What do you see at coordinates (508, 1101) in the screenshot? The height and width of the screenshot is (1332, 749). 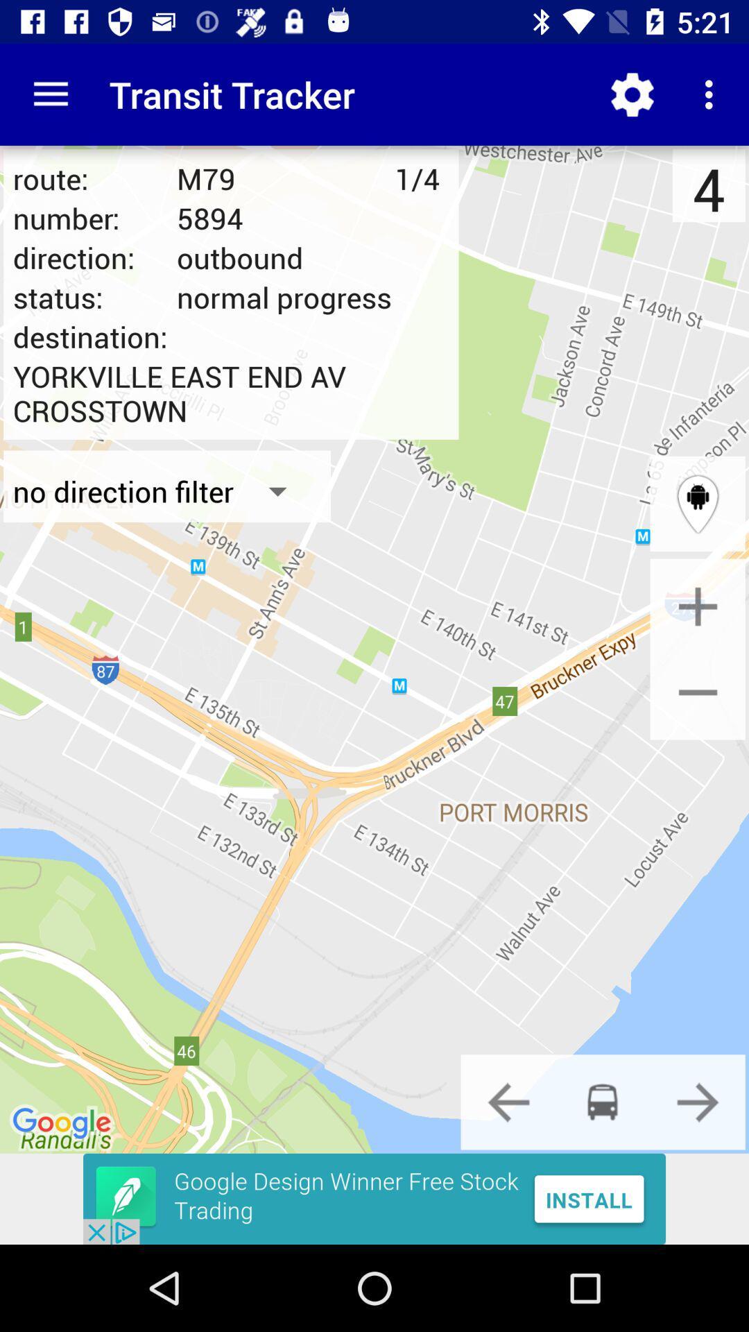 I see `switch mode of transportation` at bounding box center [508, 1101].